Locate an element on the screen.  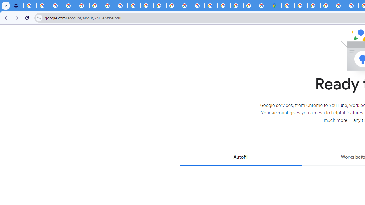
'Sign in - Google Accounts' is located at coordinates (301, 6).